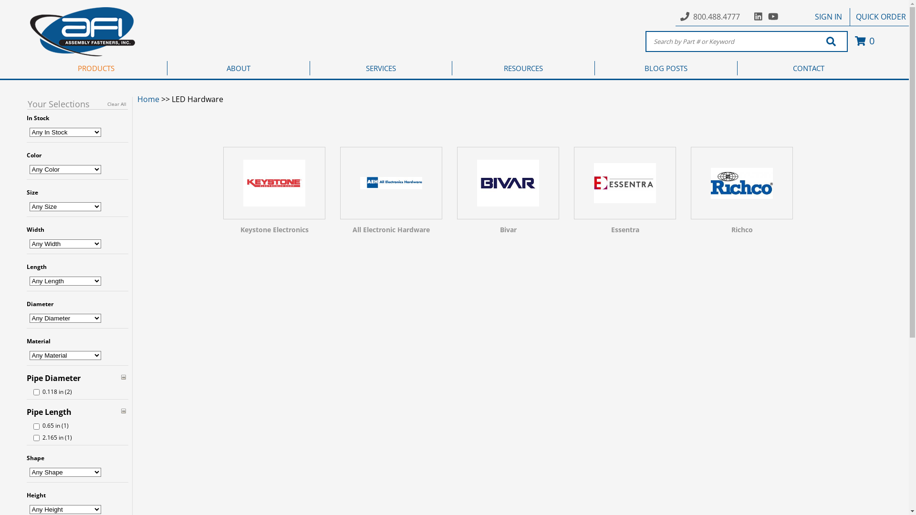  What do you see at coordinates (36, 392) in the screenshot?
I see `'0@@2e118 in'` at bounding box center [36, 392].